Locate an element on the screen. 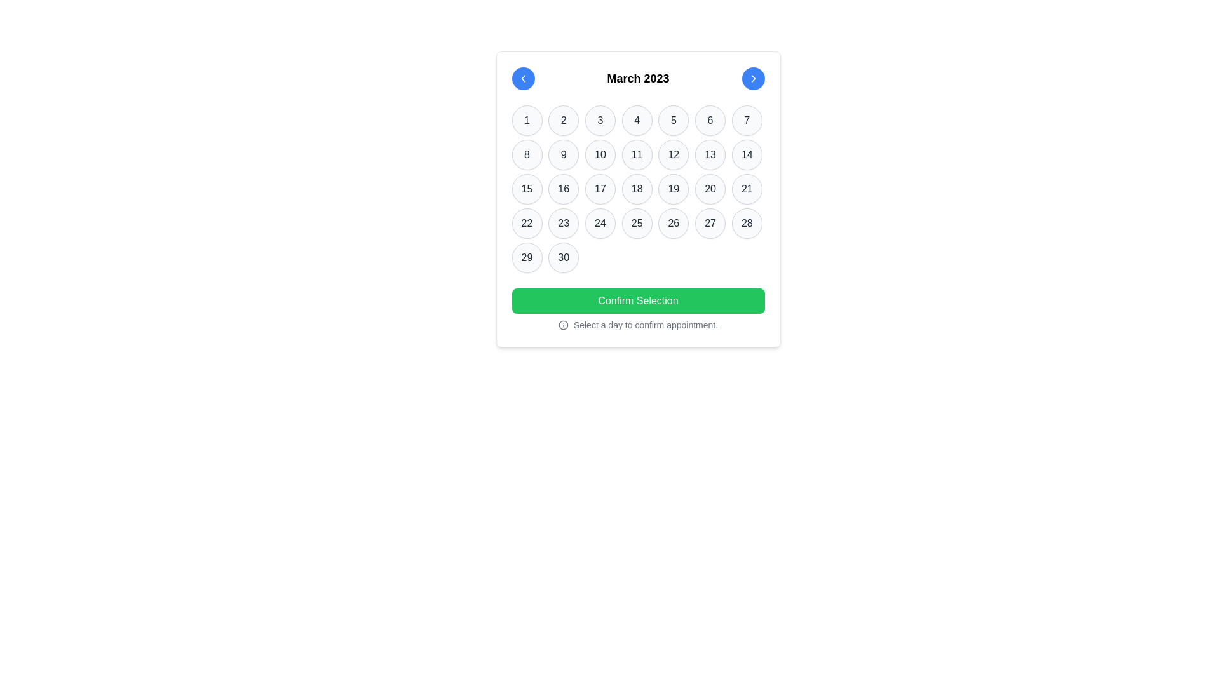 The image size is (1220, 686). the 30th button in the calendar's grid layout is located at coordinates (563, 257).